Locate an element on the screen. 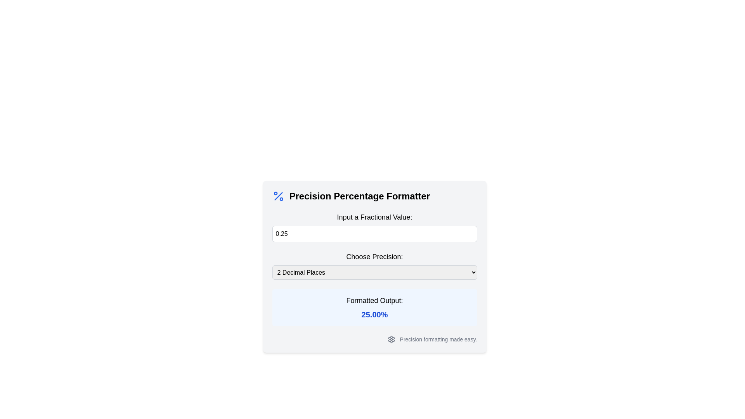 This screenshot has width=745, height=419. static text label positioned above the input field that describes its purpose for inputting a fractional value is located at coordinates (374, 217).